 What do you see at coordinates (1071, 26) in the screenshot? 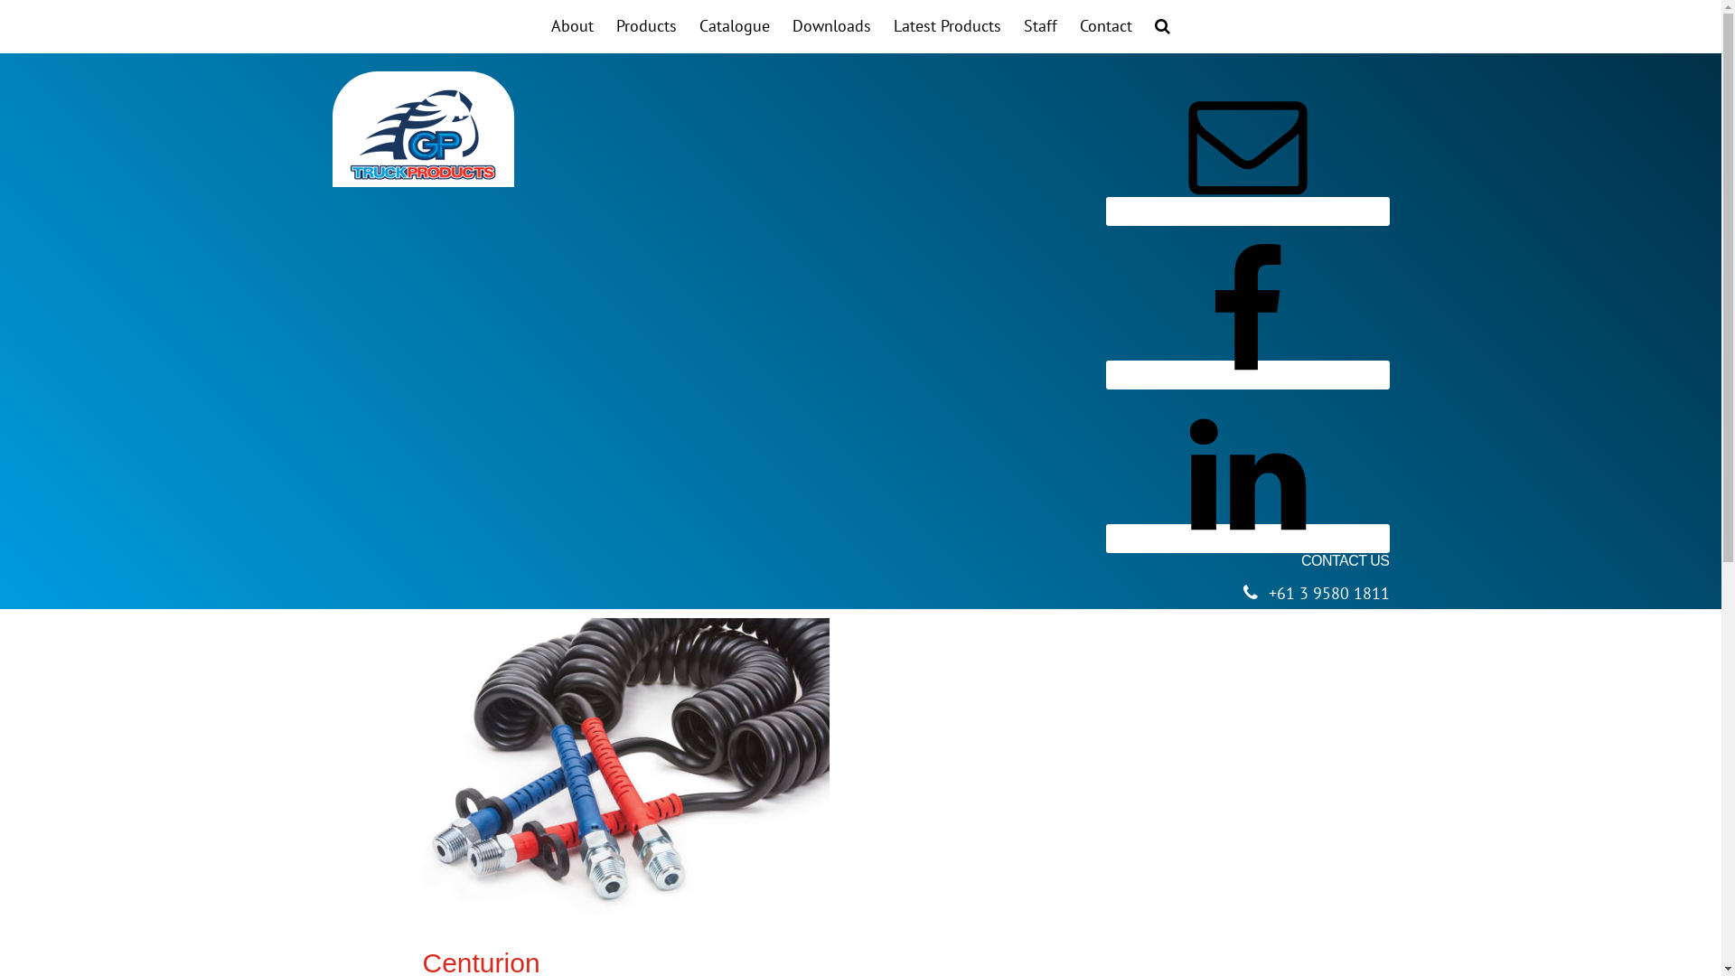
I see `'Contact'` at bounding box center [1071, 26].